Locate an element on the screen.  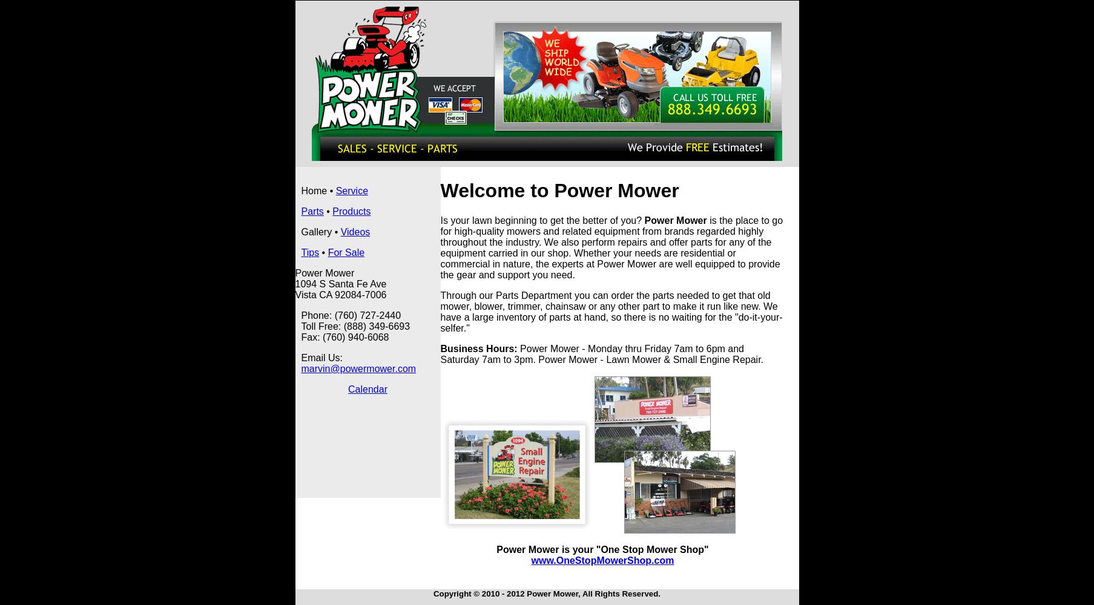
'Welcome to Power Mower' is located at coordinates (558, 190).